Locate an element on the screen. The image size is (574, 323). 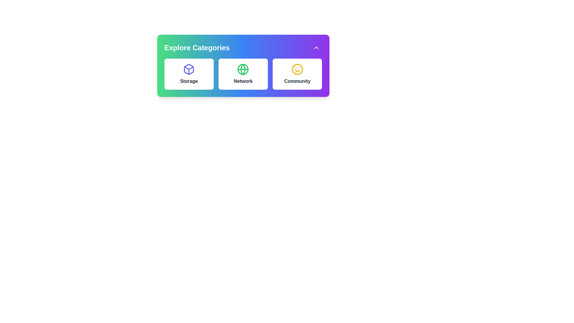
the decorative graphical icon within the 'Network' button located beneath the 'Explore Categories' heading, which is the second button in a horizontal group of three, directly to the right of the 'Storage' button is located at coordinates (243, 69).